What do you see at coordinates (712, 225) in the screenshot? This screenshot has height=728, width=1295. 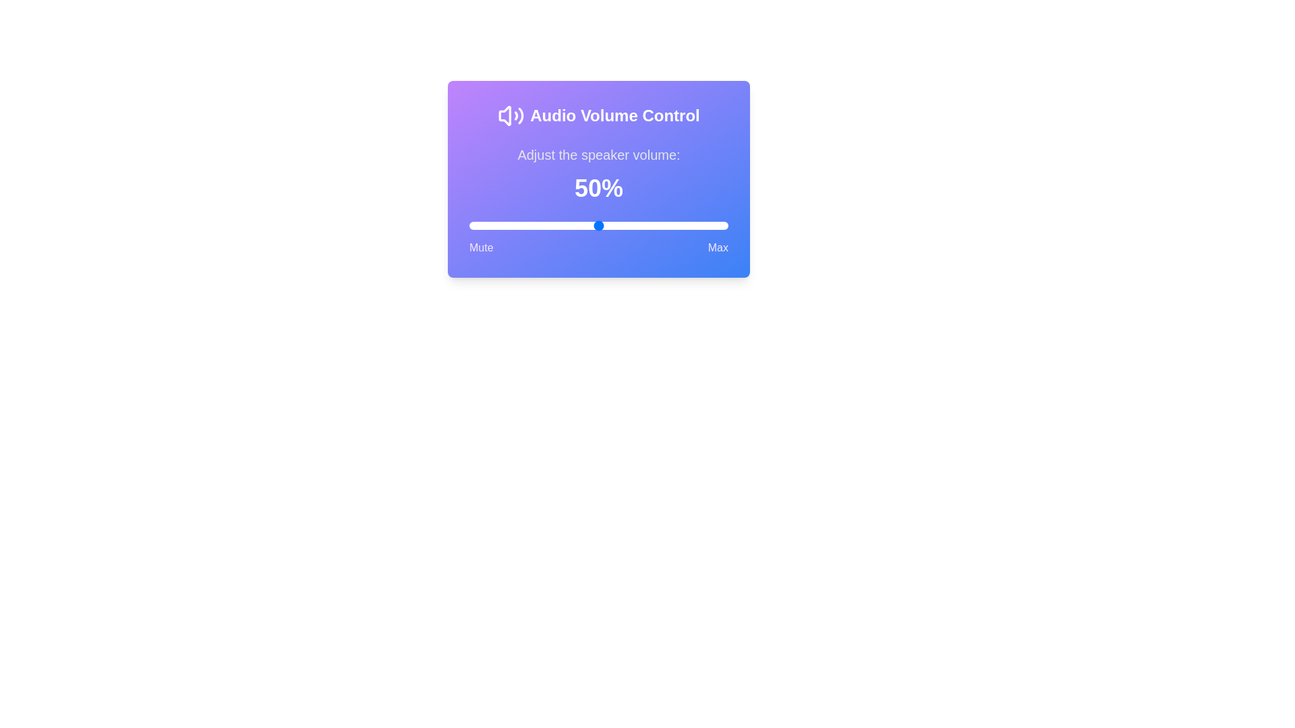 I see `the volume slider to 94%` at bounding box center [712, 225].